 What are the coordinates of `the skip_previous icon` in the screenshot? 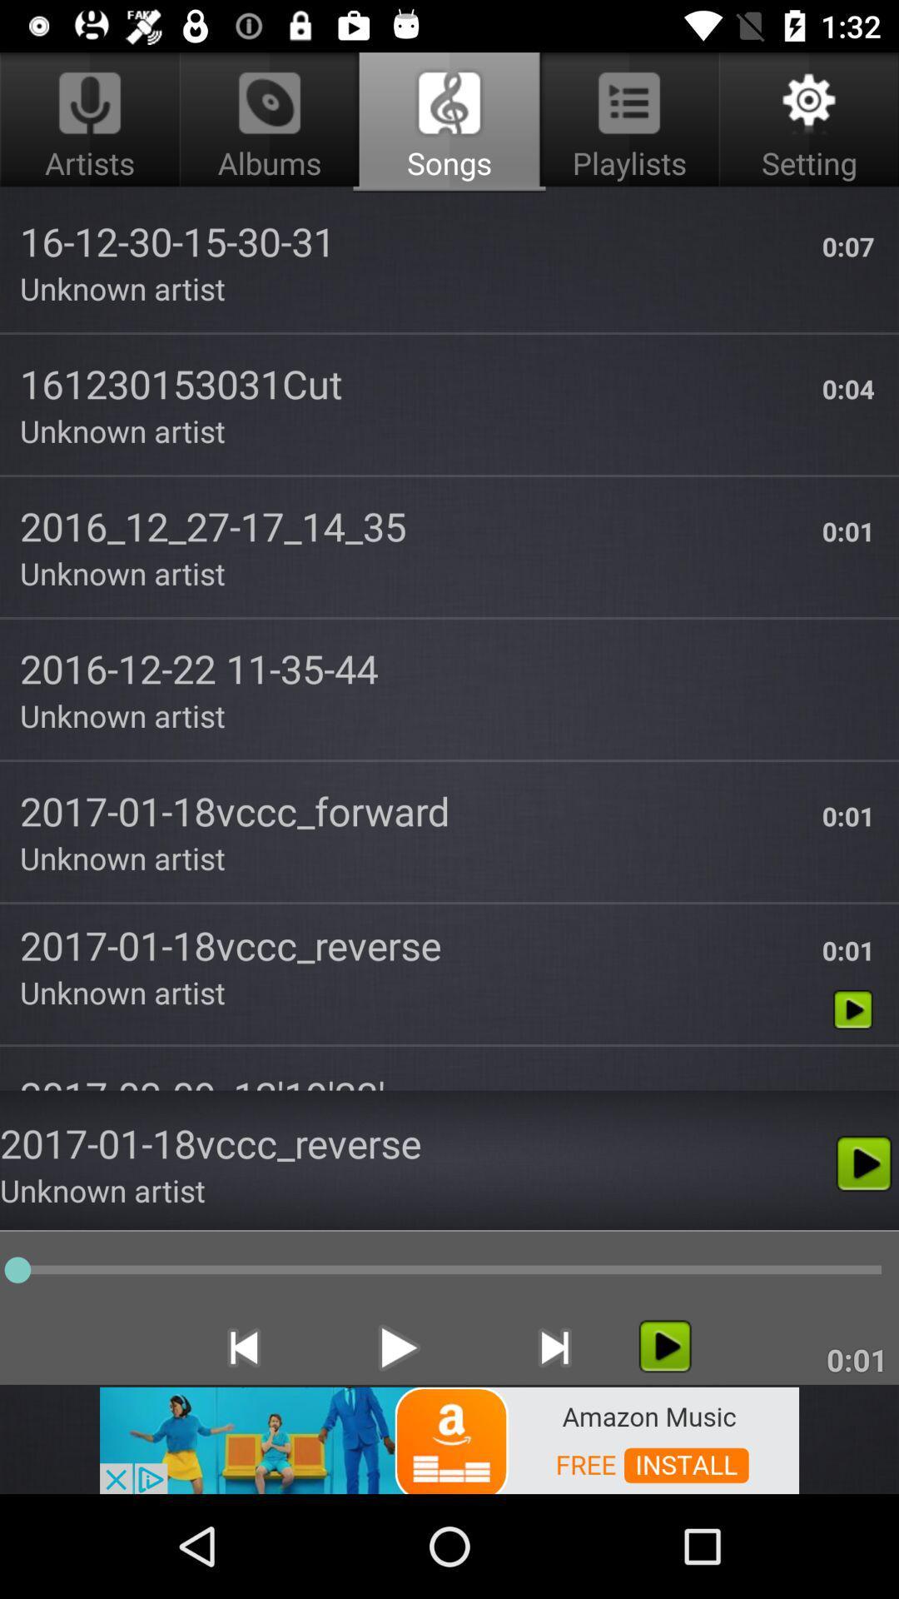 It's located at (243, 1347).